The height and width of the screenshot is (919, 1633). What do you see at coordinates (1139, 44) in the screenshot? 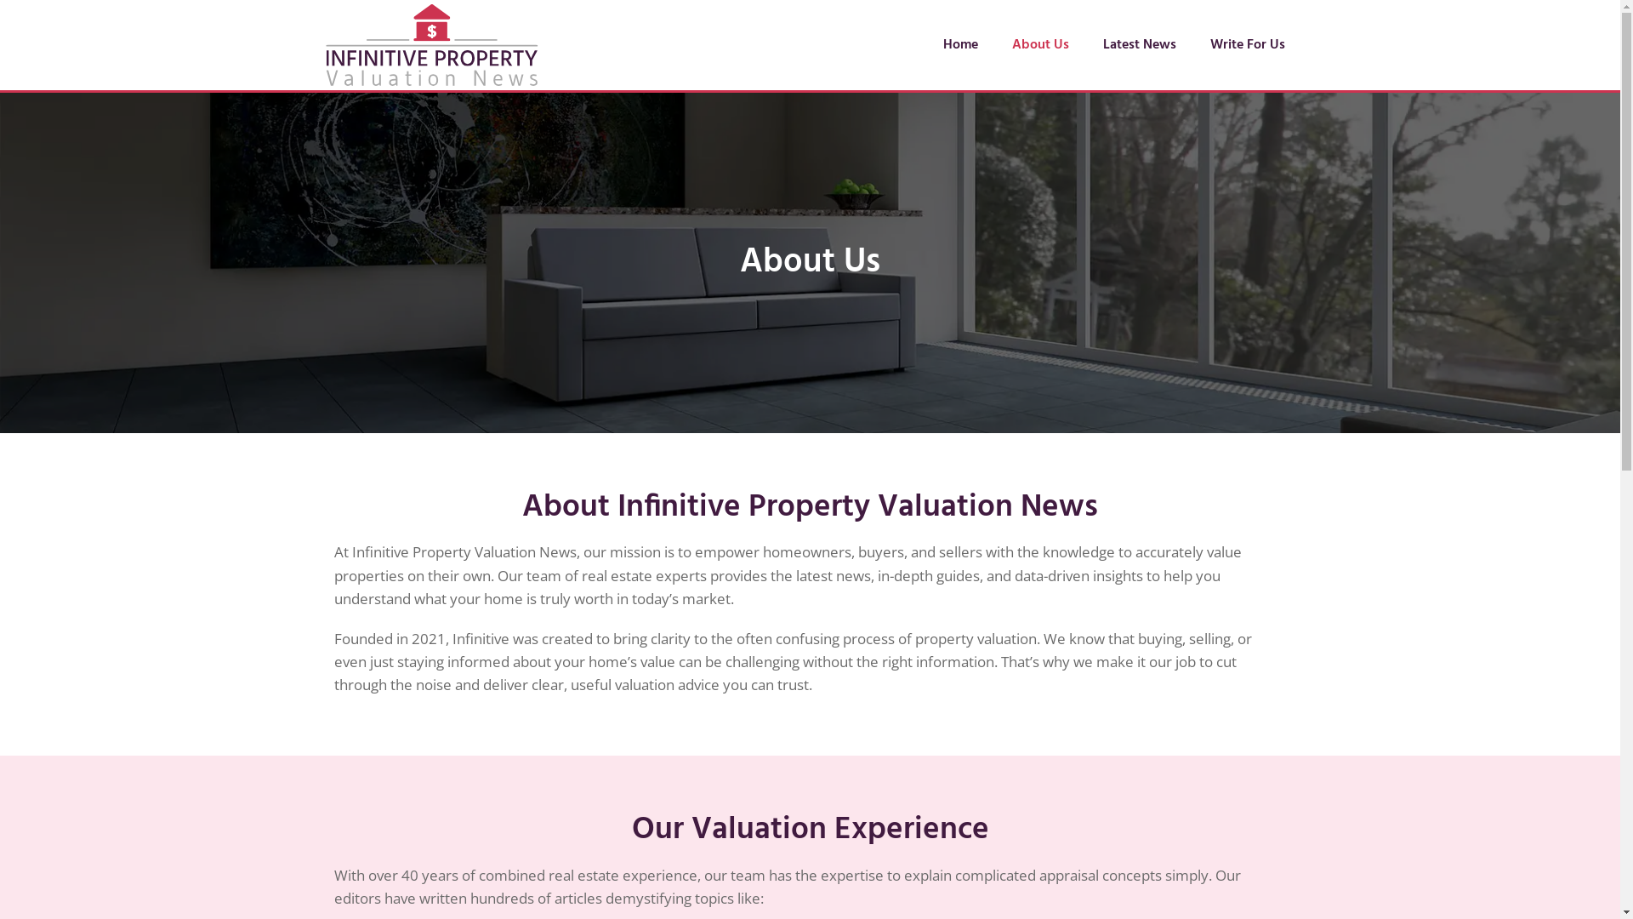
I see `'Latest News'` at bounding box center [1139, 44].